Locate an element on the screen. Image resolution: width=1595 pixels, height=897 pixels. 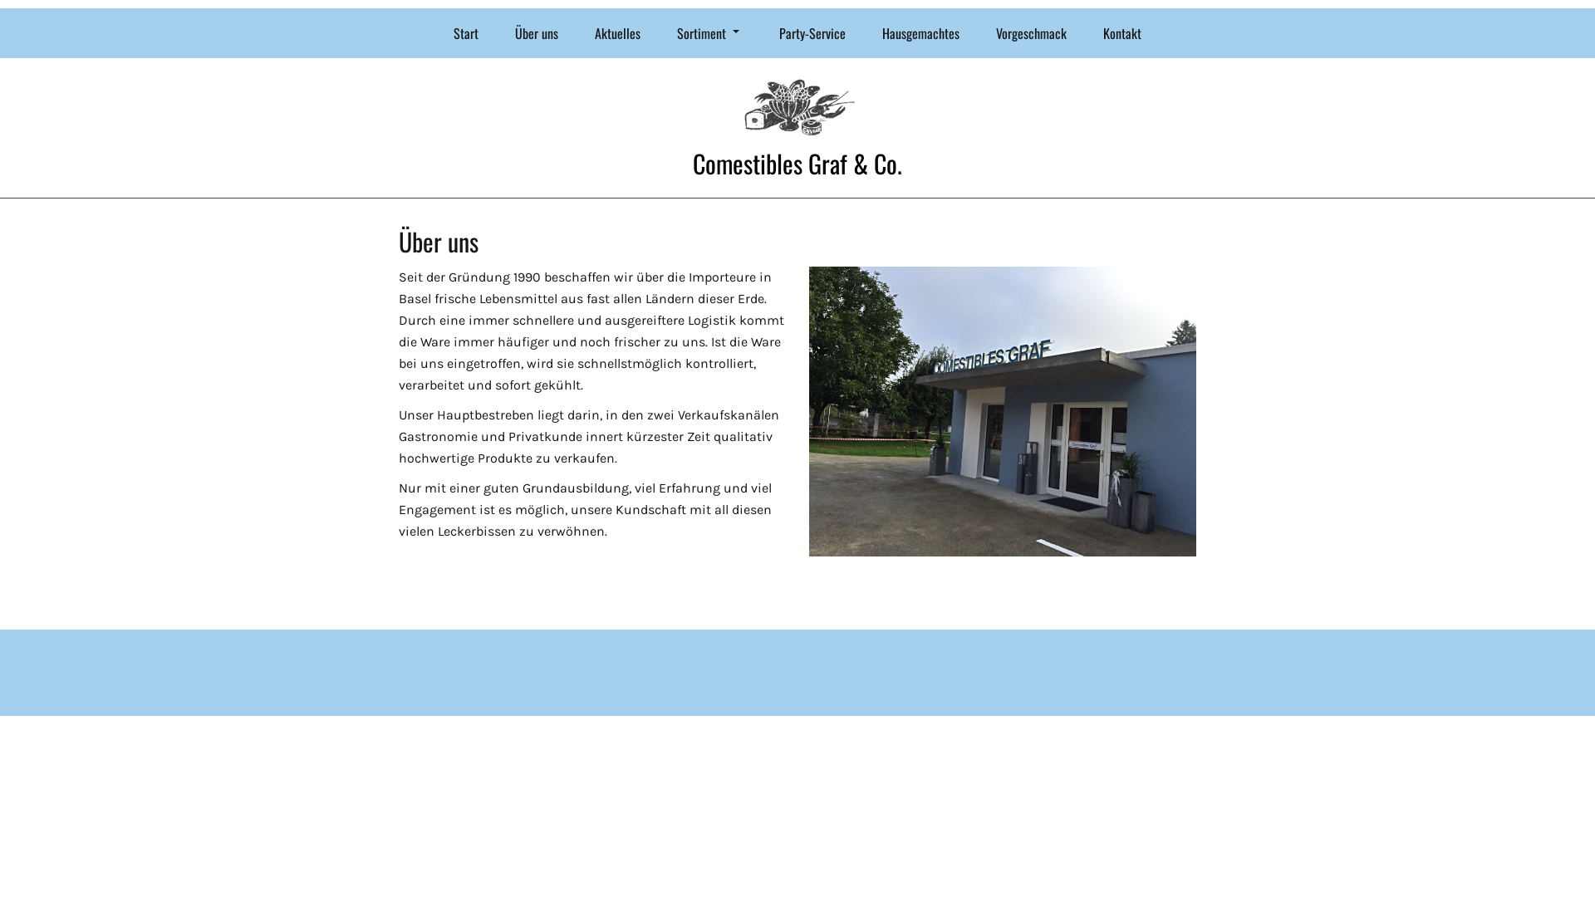
'Vorgeschmack' is located at coordinates (1030, 32).